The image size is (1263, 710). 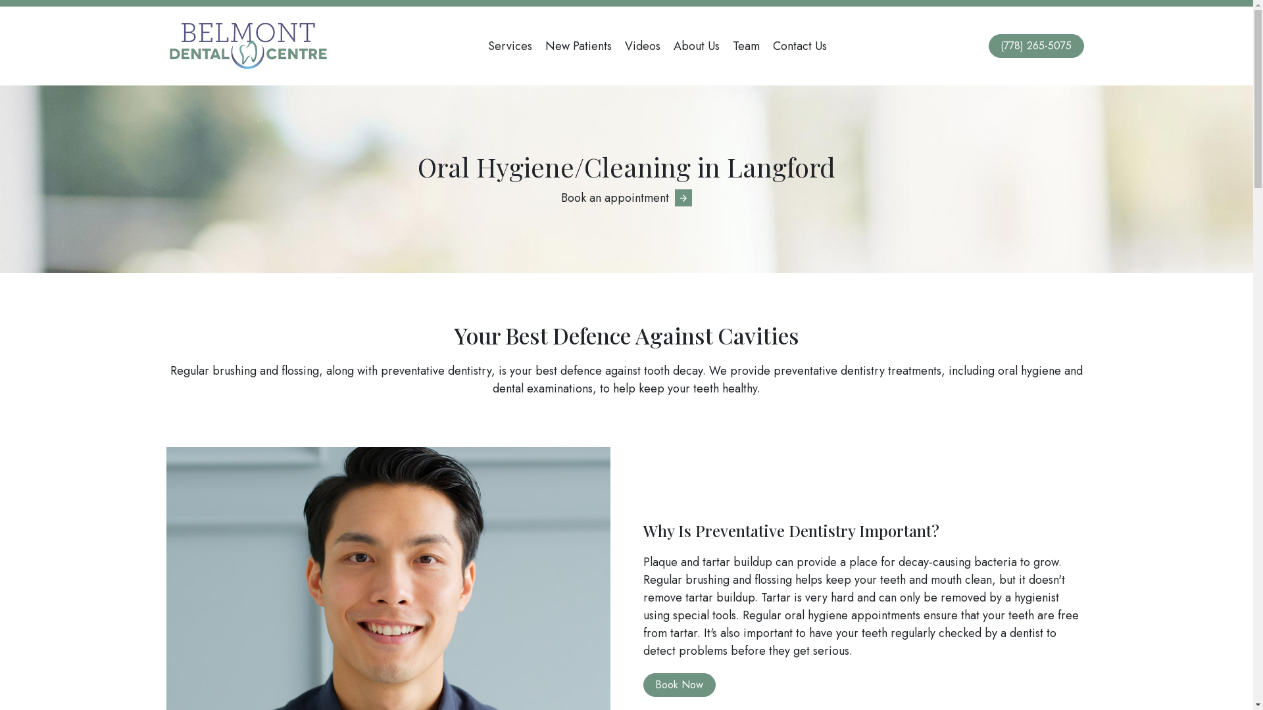 What do you see at coordinates (1035, 45) in the screenshot?
I see `'(778) 265-5075'` at bounding box center [1035, 45].